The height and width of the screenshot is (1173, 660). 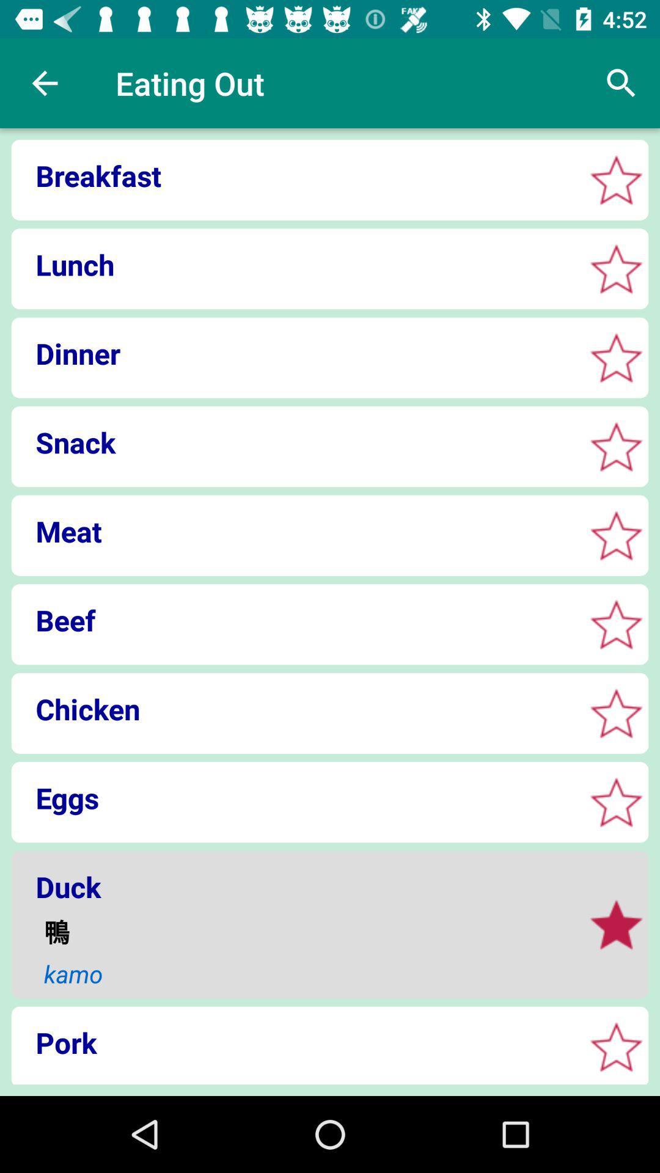 What do you see at coordinates (294, 264) in the screenshot?
I see `lunch item` at bounding box center [294, 264].